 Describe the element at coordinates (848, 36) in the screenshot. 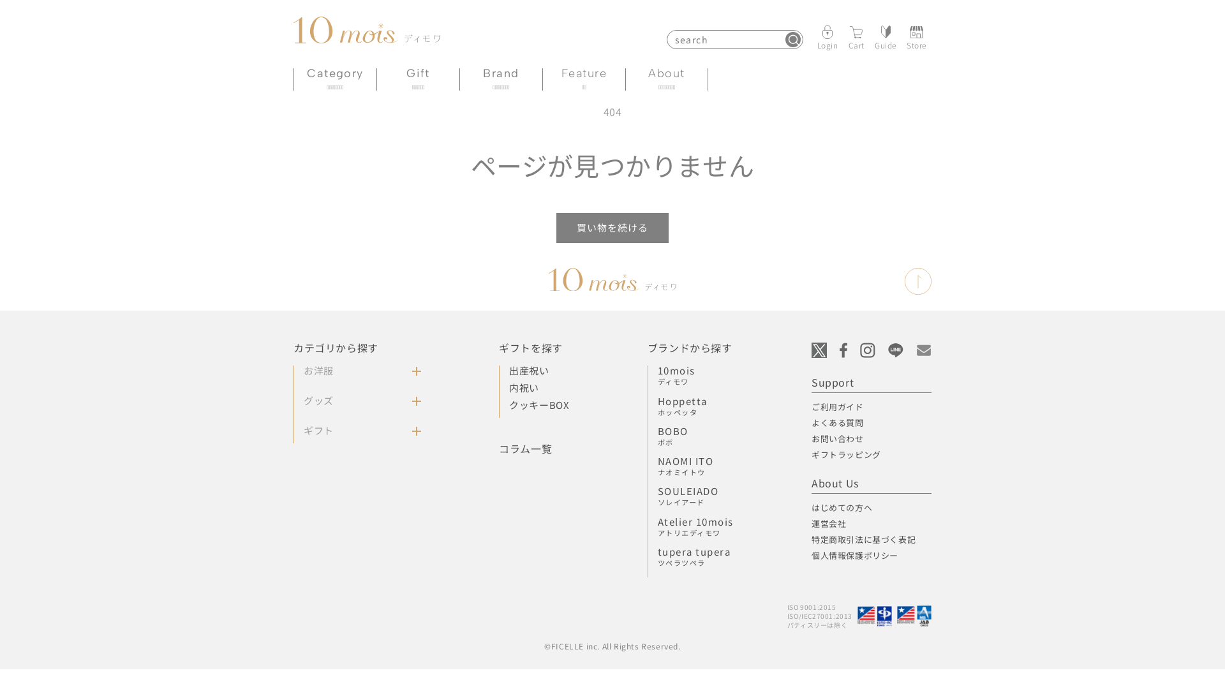

I see `'Cart'` at that location.